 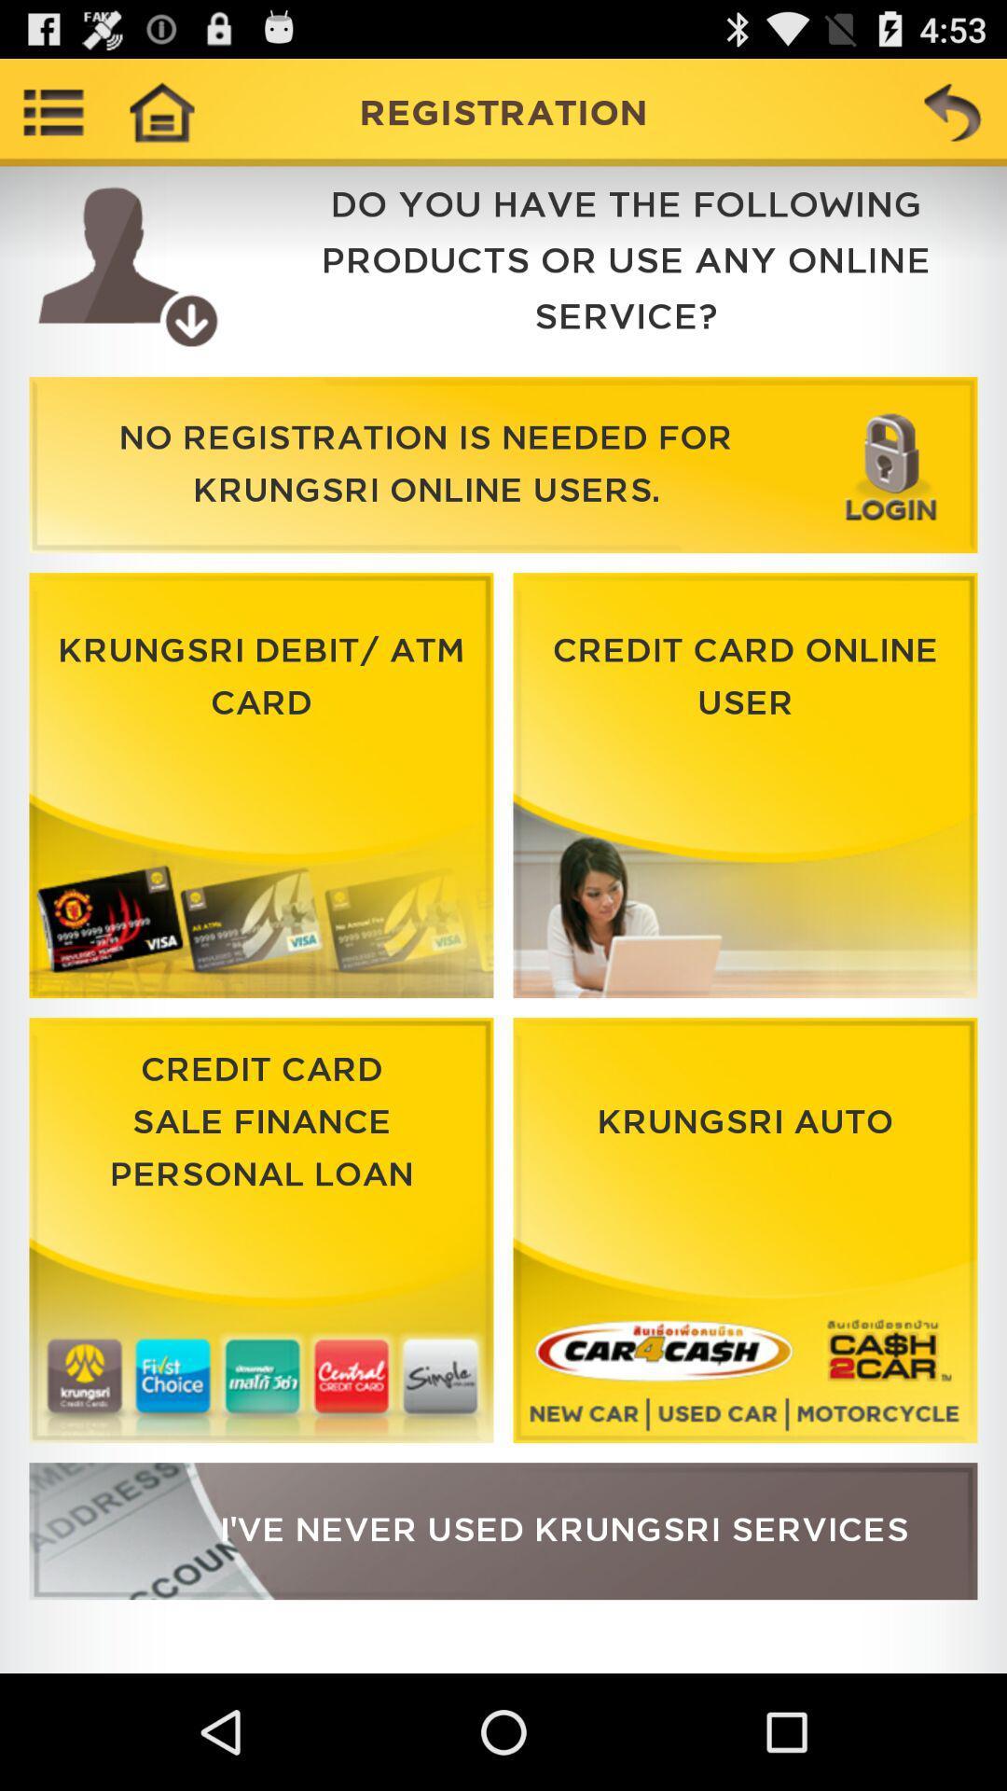 What do you see at coordinates (261, 785) in the screenshot?
I see `product` at bounding box center [261, 785].